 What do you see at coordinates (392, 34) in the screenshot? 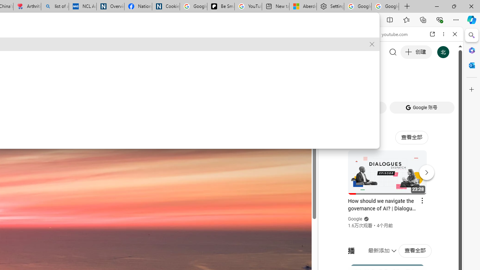
I see `'youtube.com'` at bounding box center [392, 34].